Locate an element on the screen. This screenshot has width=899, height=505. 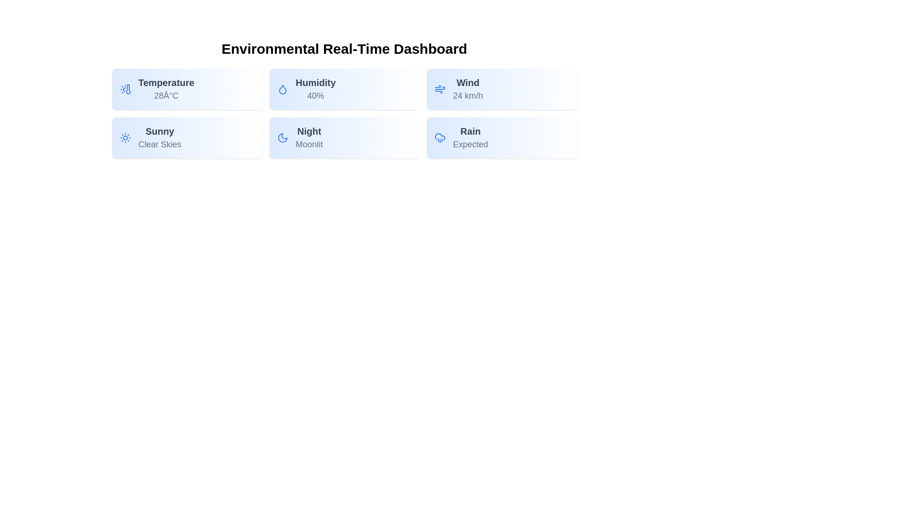
the static text display that reads 'Sunny' in bold, larger font and 'Clear Skies' in smaller font is located at coordinates (160, 137).